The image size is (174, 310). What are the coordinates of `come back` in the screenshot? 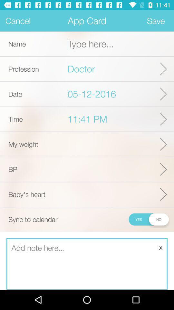 It's located at (87, 264).